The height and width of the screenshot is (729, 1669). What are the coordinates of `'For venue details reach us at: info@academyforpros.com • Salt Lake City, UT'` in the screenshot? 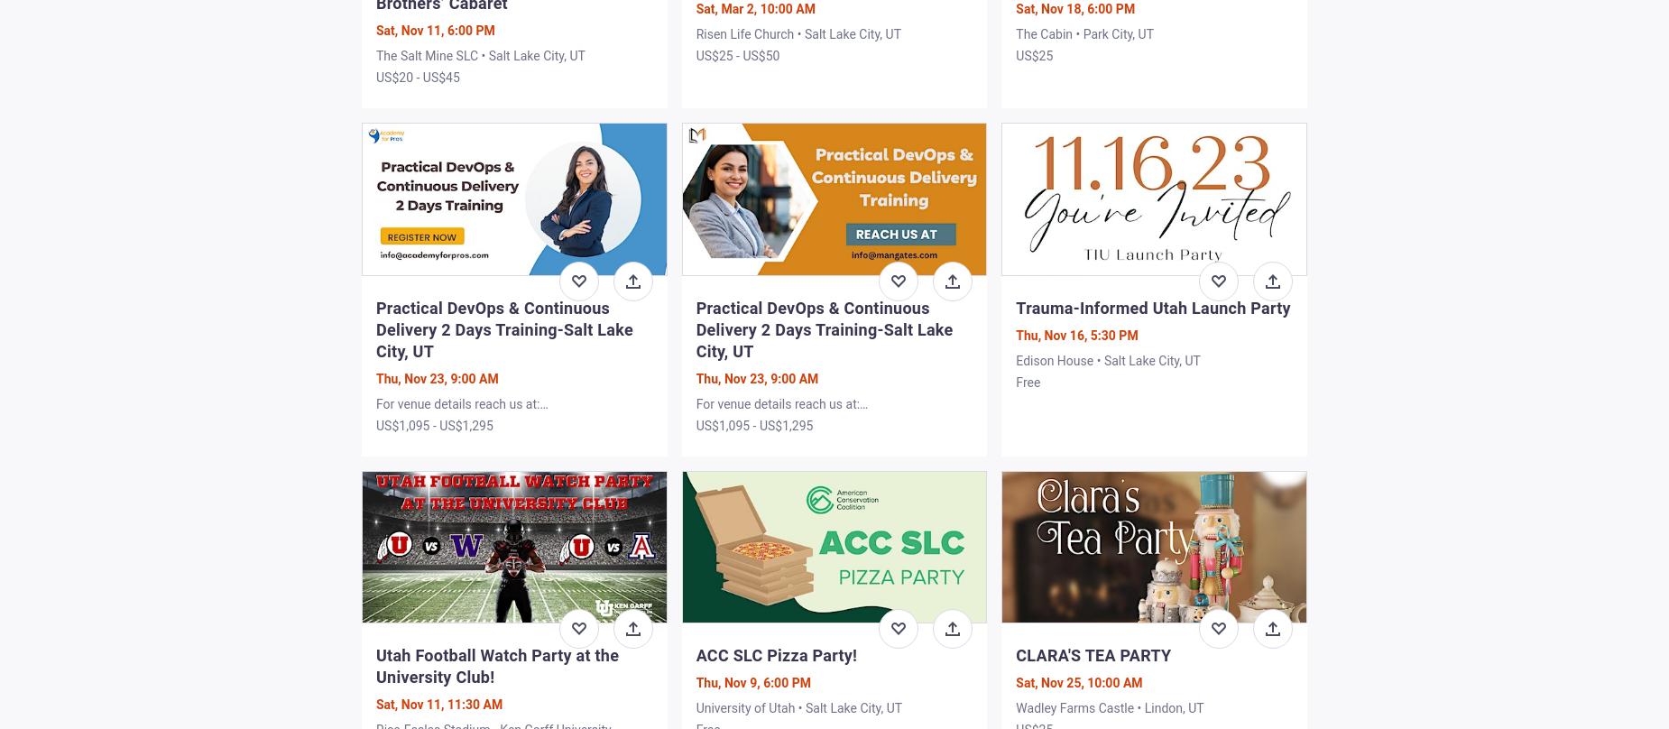 It's located at (496, 421).